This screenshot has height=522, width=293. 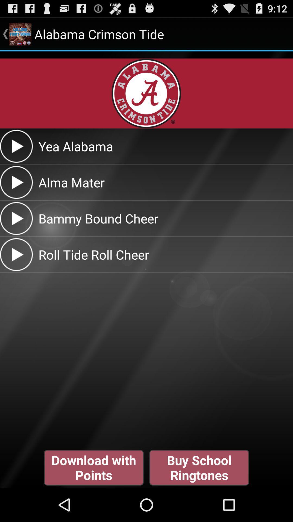 I want to click on patton, so click(x=16, y=218).